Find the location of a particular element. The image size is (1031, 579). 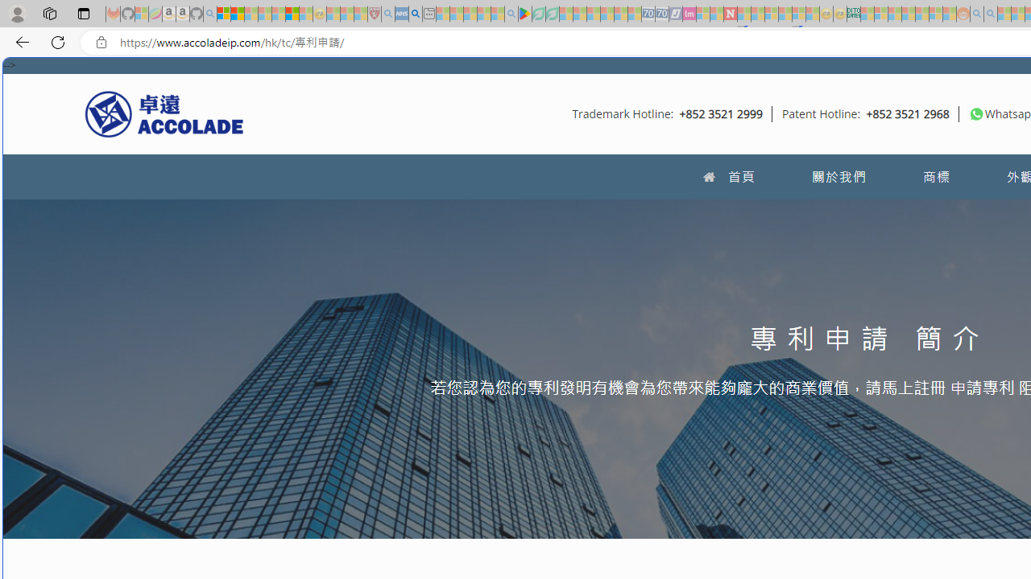

'DITOGAMES AG Imprint' is located at coordinates (852, 14).